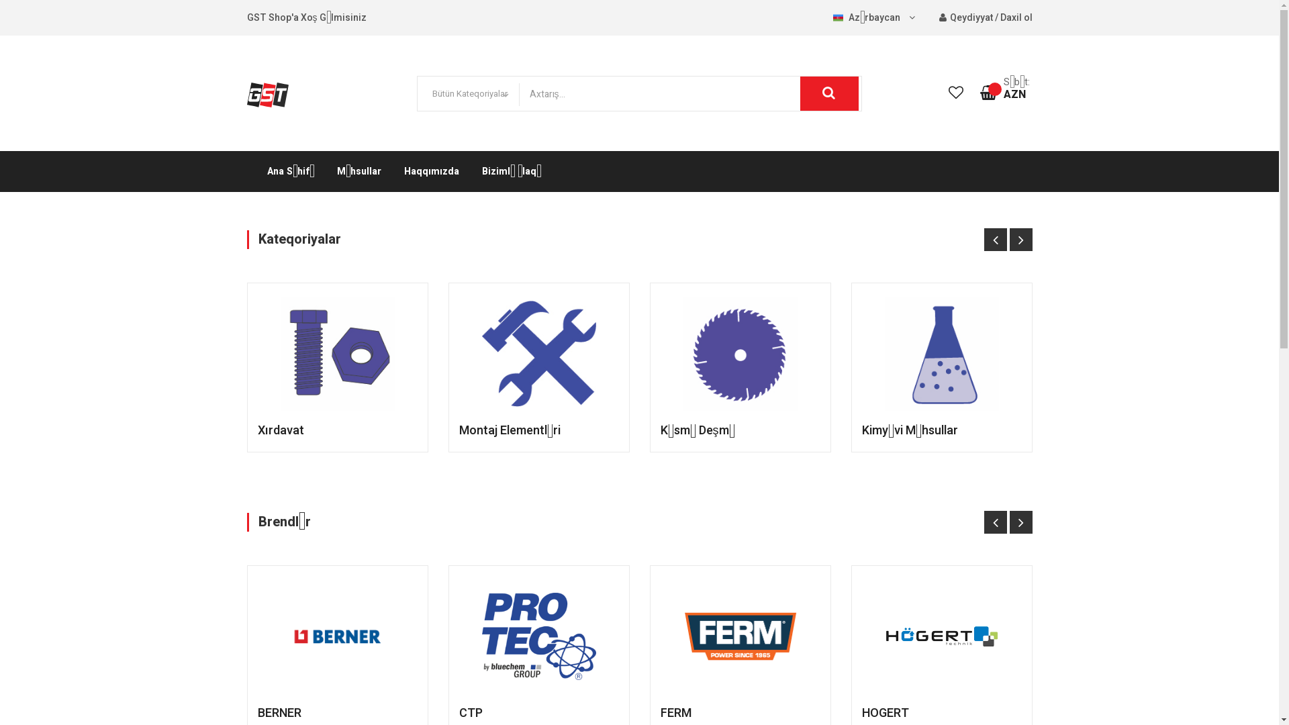 The height and width of the screenshot is (725, 1289). What do you see at coordinates (471, 712) in the screenshot?
I see `'CTP'` at bounding box center [471, 712].